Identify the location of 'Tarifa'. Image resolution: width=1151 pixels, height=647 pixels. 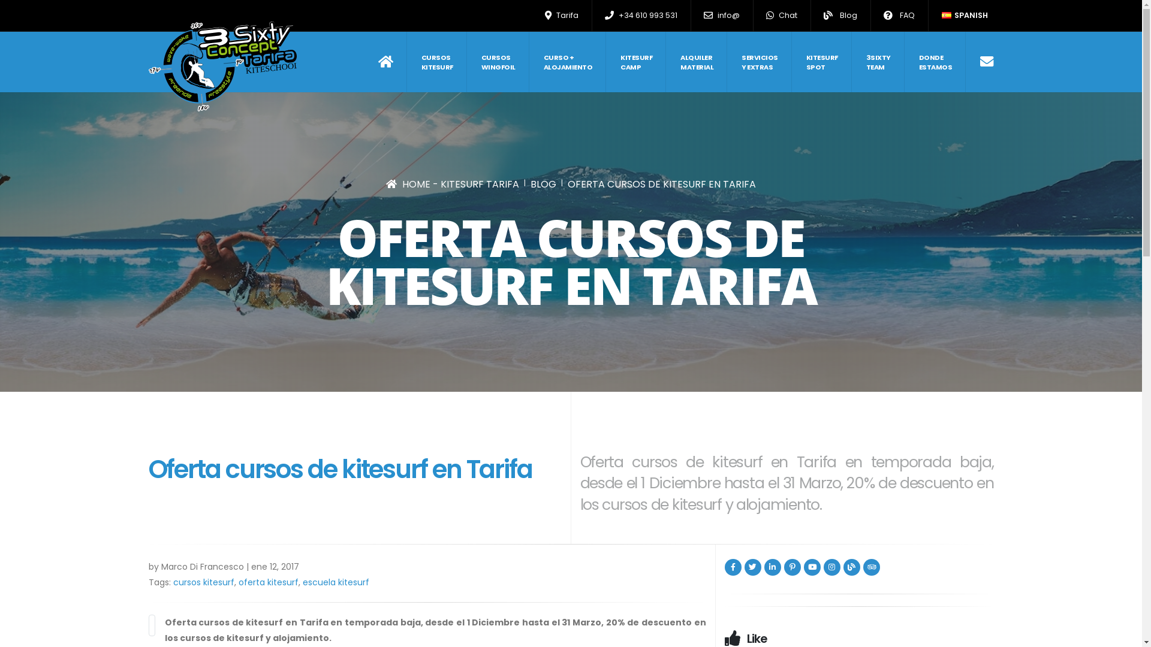
(561, 16).